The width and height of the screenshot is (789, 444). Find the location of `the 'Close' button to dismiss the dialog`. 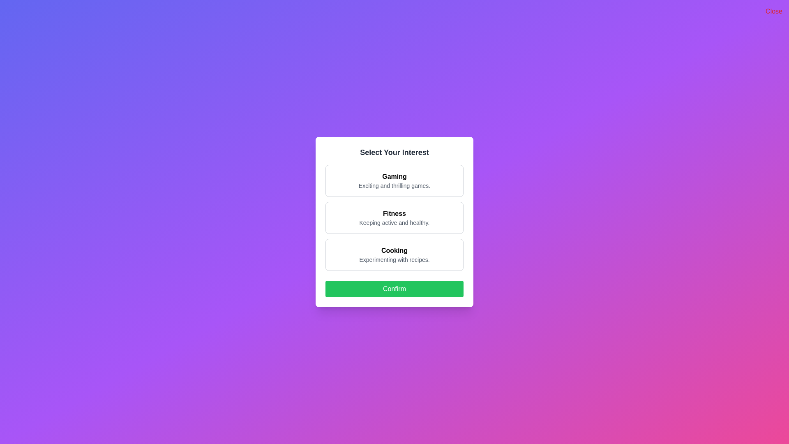

the 'Close' button to dismiss the dialog is located at coordinates (773, 11).